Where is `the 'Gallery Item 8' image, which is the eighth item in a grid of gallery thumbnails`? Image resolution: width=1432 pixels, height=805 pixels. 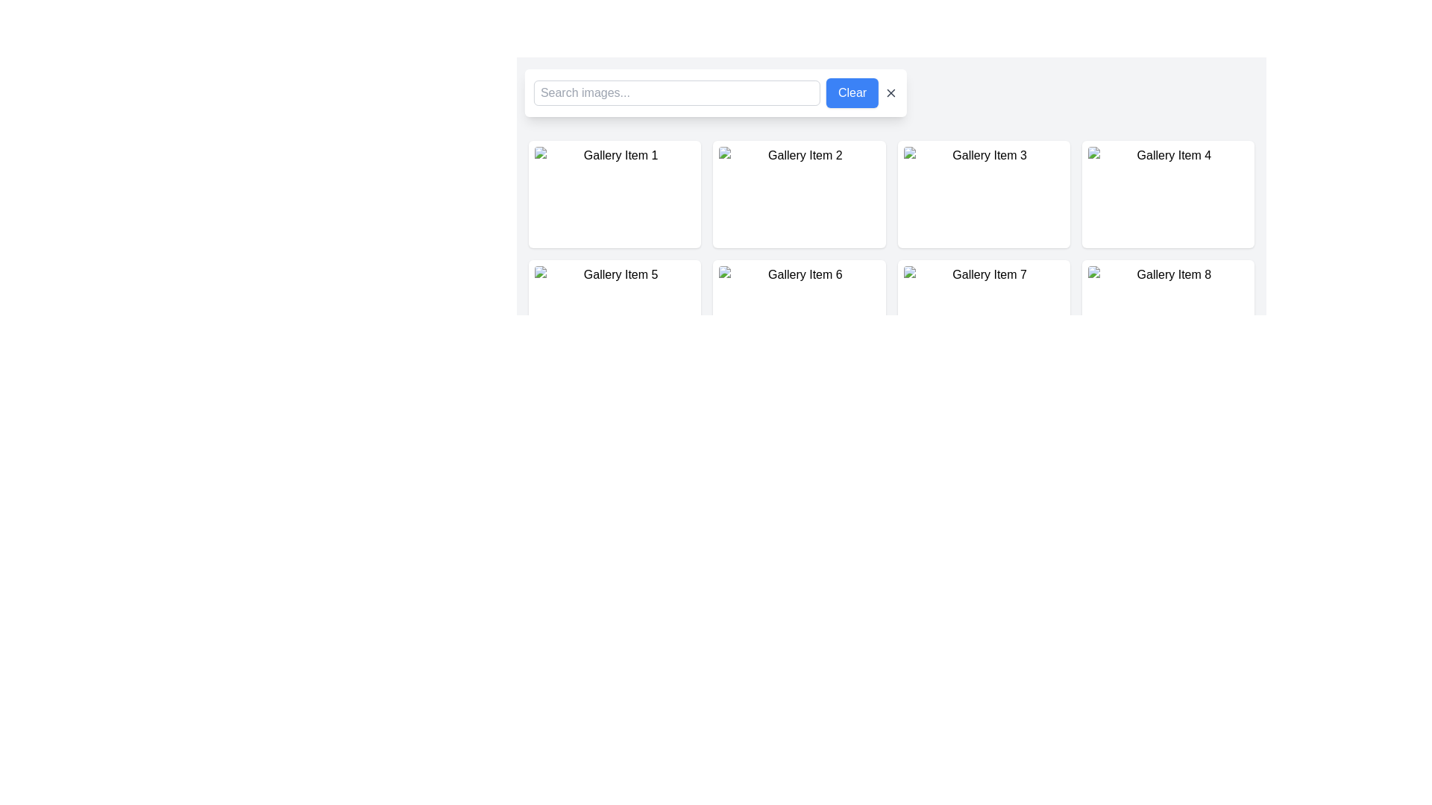
the 'Gallery Item 8' image, which is the eighth item in a grid of gallery thumbnails is located at coordinates (1167, 312).